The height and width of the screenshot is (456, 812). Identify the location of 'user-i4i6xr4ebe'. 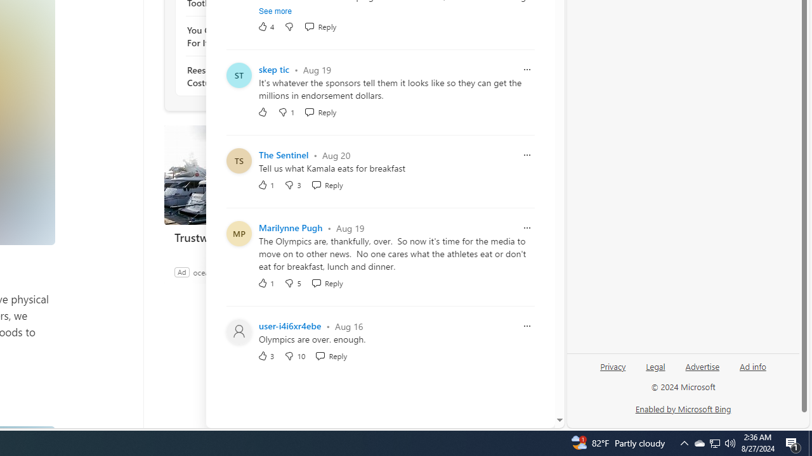
(289, 325).